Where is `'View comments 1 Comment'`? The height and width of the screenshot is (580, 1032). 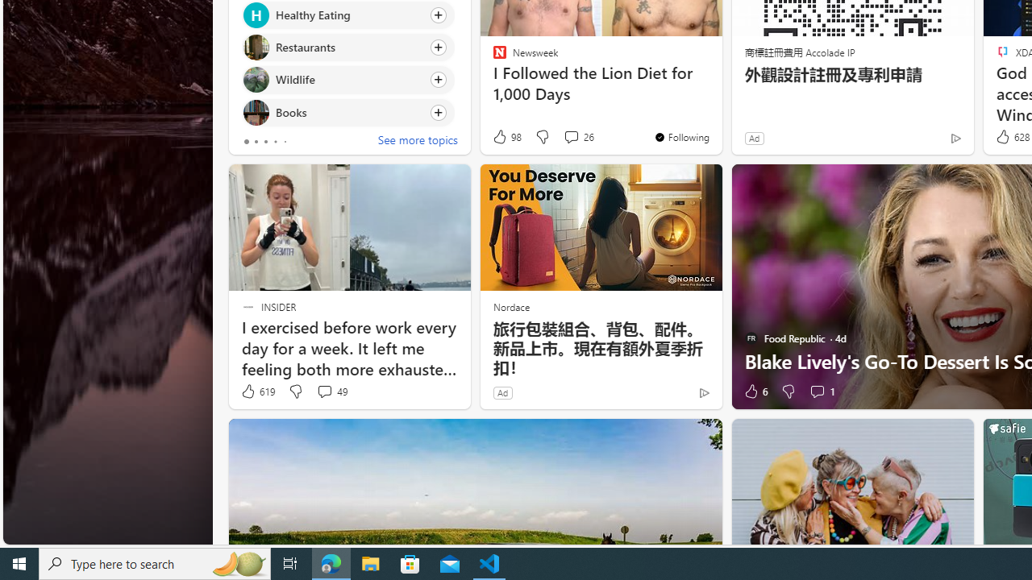 'View comments 1 Comment' is located at coordinates (822, 391).